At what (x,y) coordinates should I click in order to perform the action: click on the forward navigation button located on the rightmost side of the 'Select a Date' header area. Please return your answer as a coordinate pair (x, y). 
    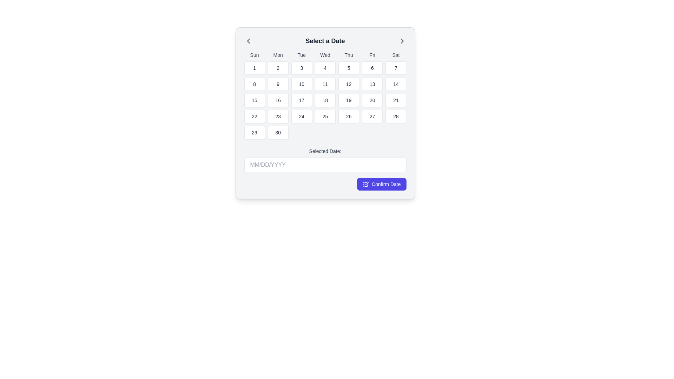
    Looking at the image, I should click on (402, 41).